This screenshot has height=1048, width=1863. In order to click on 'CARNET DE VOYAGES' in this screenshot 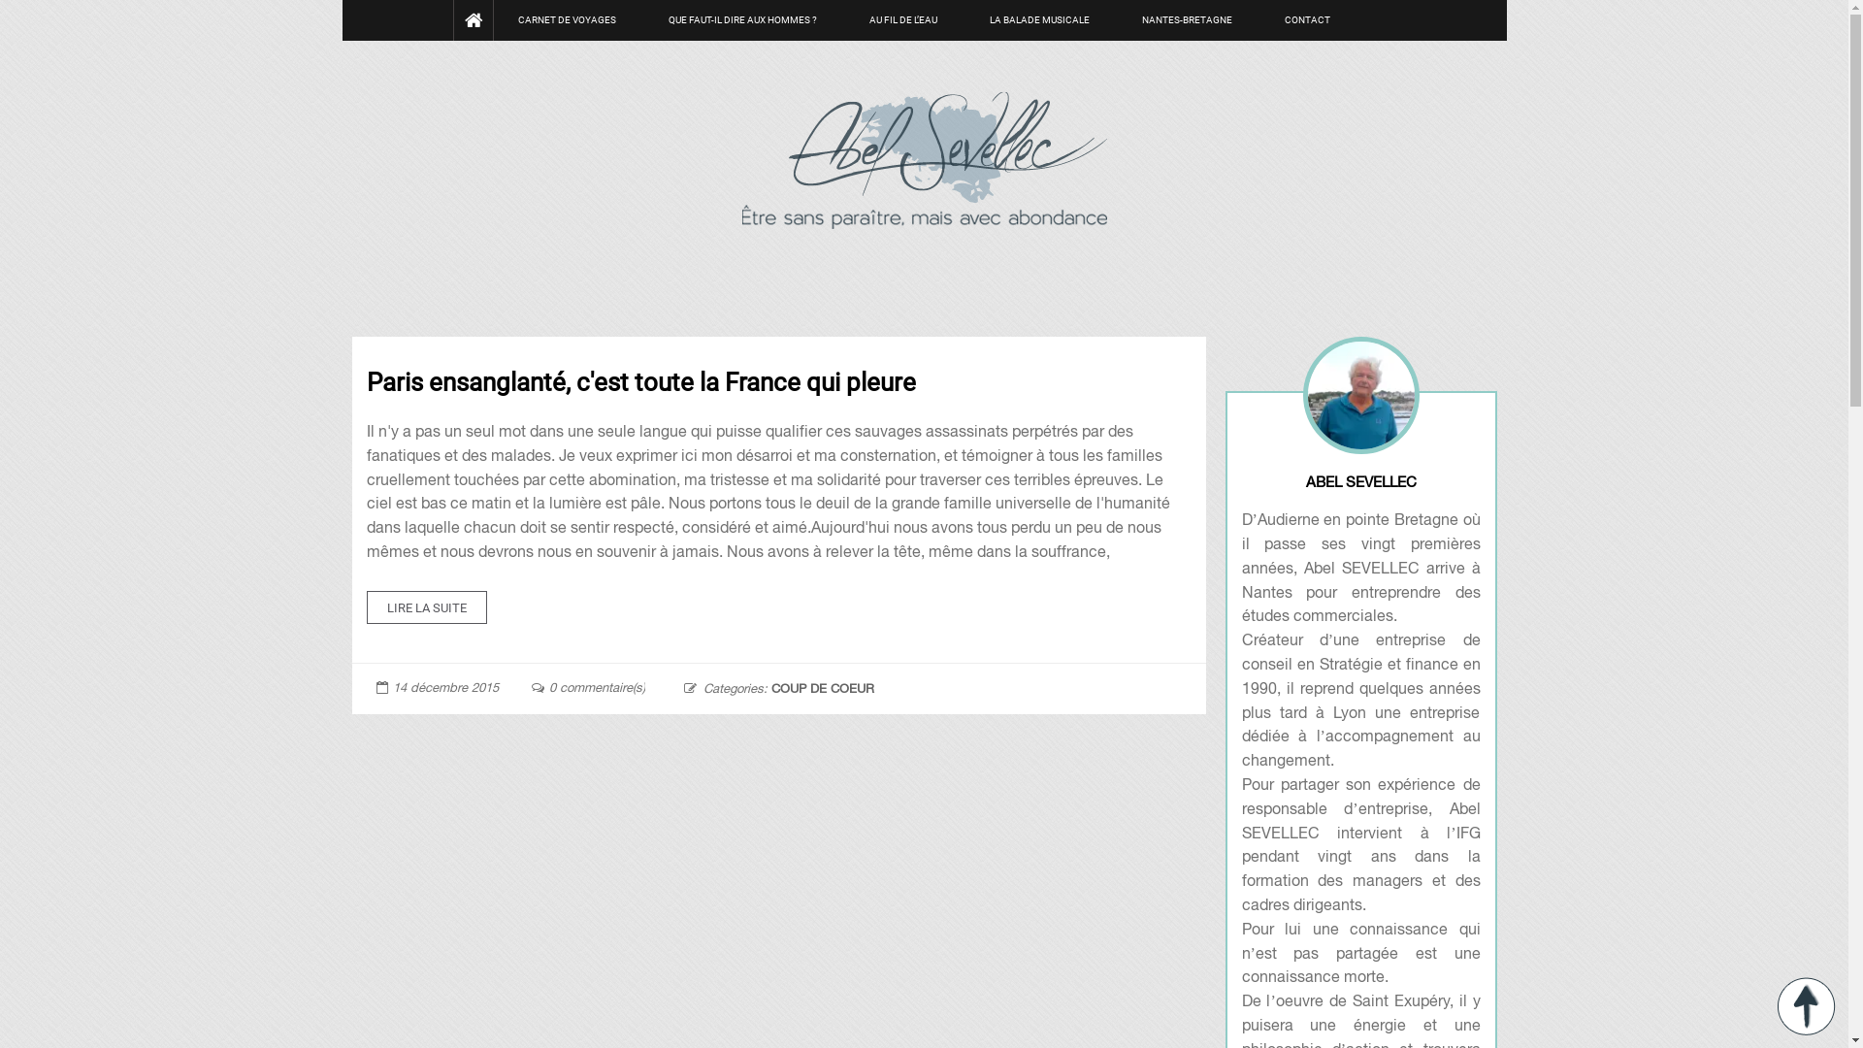, I will do `click(566, 19)`.